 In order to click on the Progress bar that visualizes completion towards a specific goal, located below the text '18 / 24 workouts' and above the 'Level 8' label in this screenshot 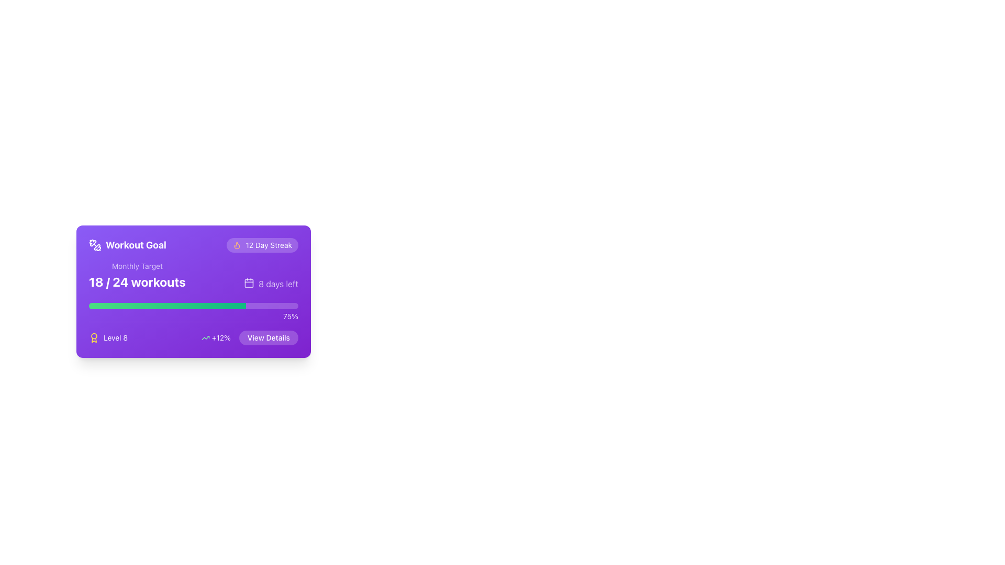, I will do `click(193, 306)`.